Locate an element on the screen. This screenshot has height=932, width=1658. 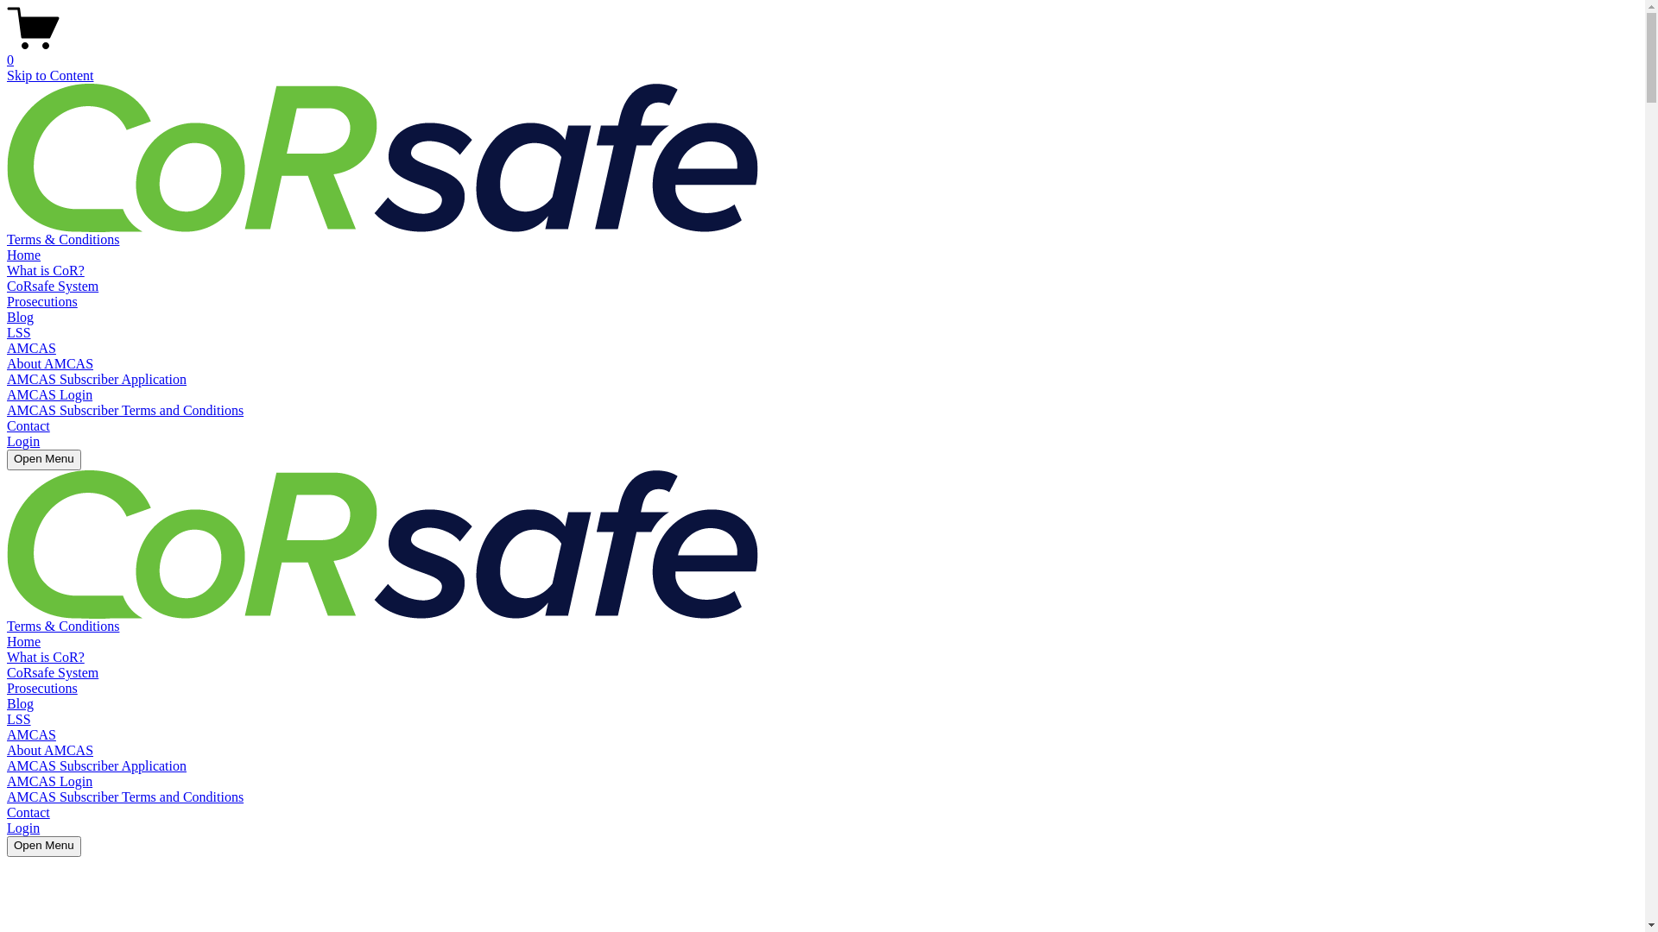
'AMCAS' is located at coordinates (31, 734).